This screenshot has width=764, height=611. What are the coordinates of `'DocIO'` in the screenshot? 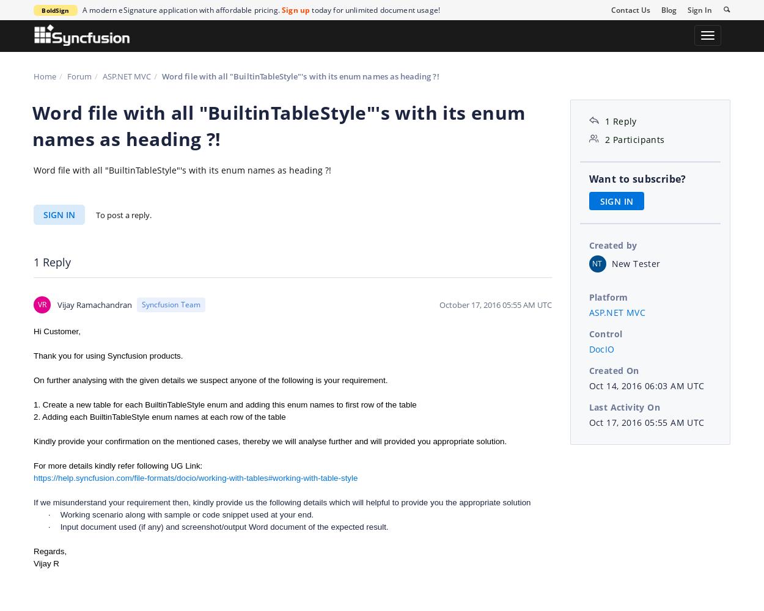 It's located at (601, 348).